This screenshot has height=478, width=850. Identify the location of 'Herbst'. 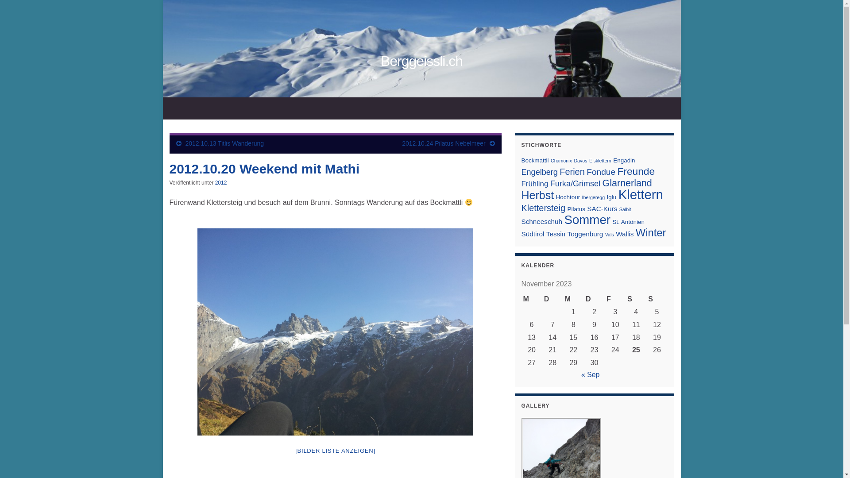
(537, 194).